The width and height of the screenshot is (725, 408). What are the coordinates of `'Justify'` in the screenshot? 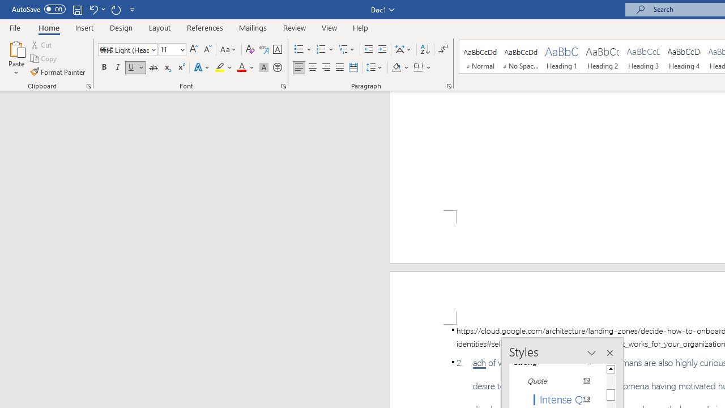 It's located at (339, 67).